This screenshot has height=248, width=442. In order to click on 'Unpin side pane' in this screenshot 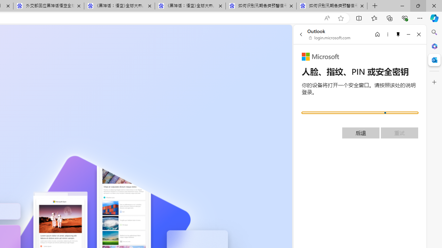, I will do `click(398, 34)`.